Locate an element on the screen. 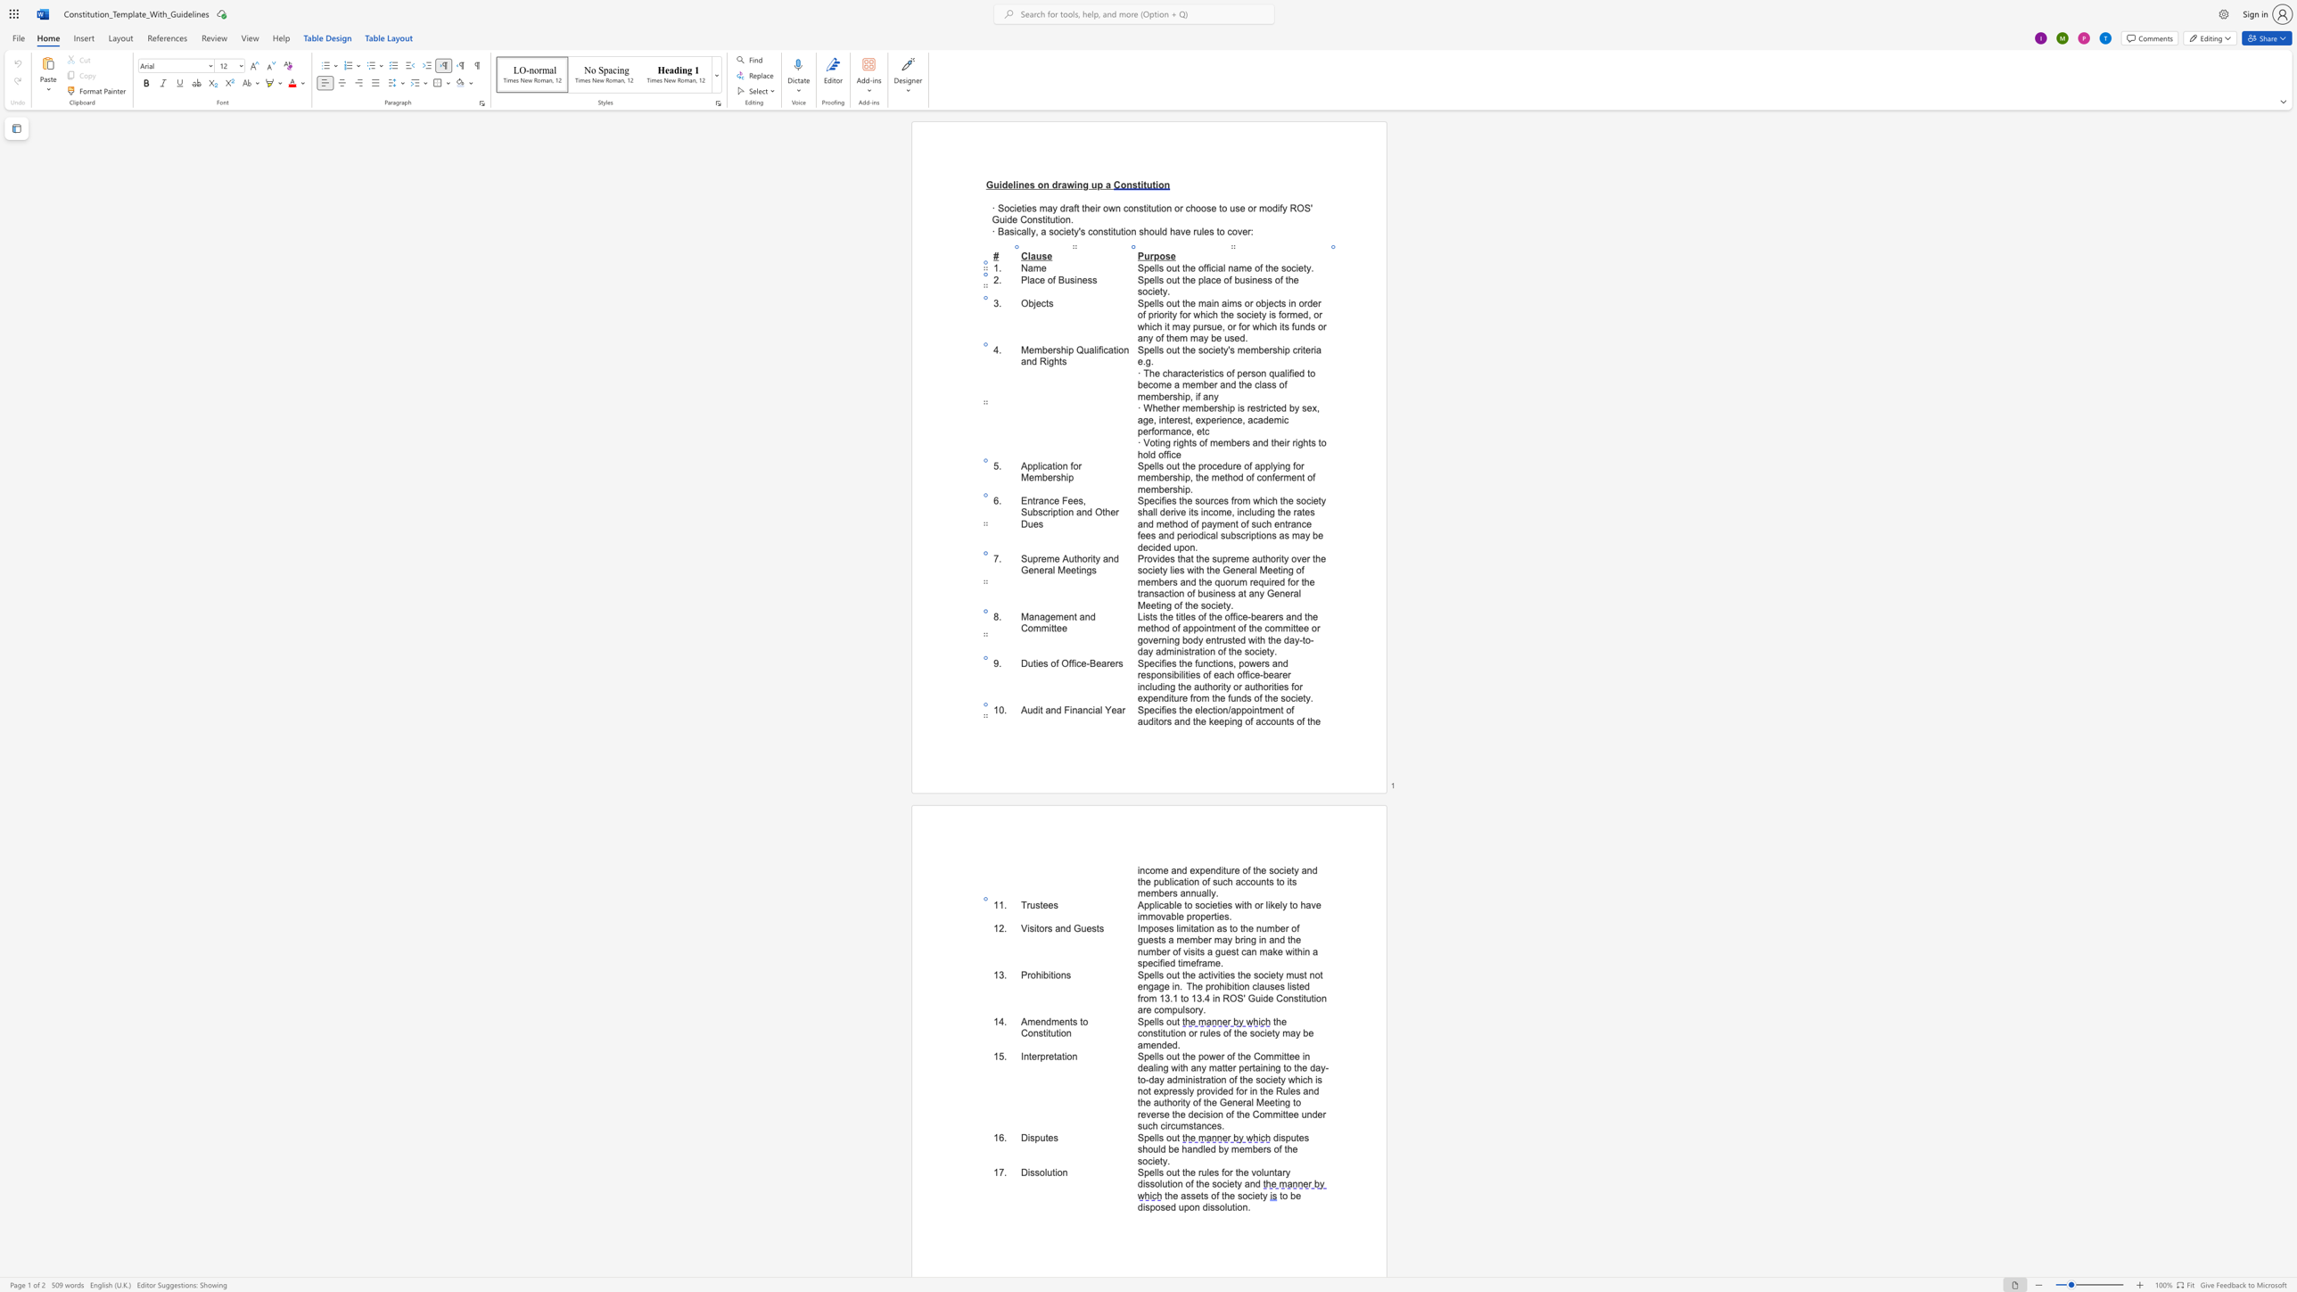 The height and width of the screenshot is (1292, 2297). the 6th character "i" in the text is located at coordinates (1230, 721).